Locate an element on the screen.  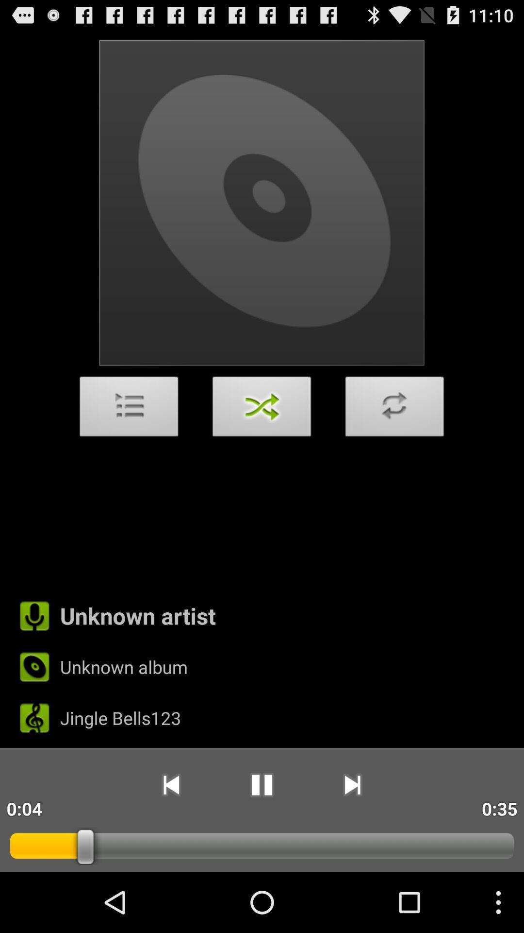
item above the unknown artist app is located at coordinates (129, 409).